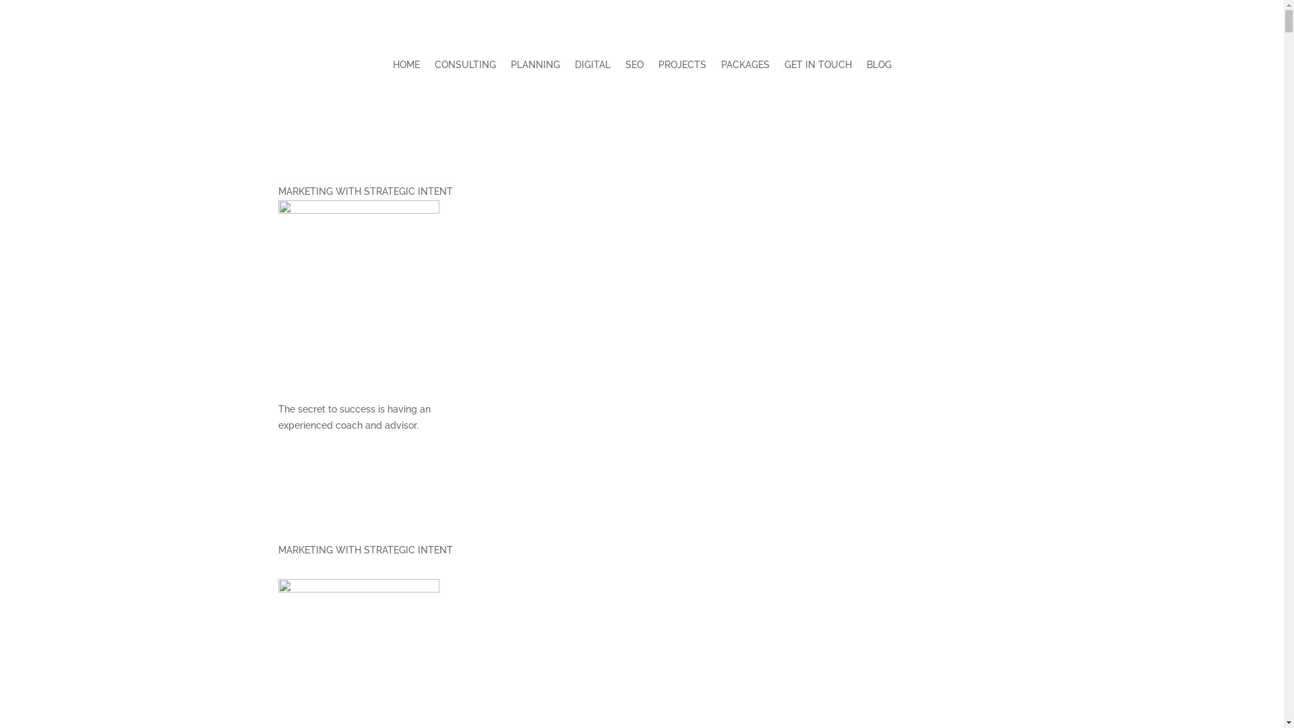  What do you see at coordinates (510, 67) in the screenshot?
I see `'PLANNING'` at bounding box center [510, 67].